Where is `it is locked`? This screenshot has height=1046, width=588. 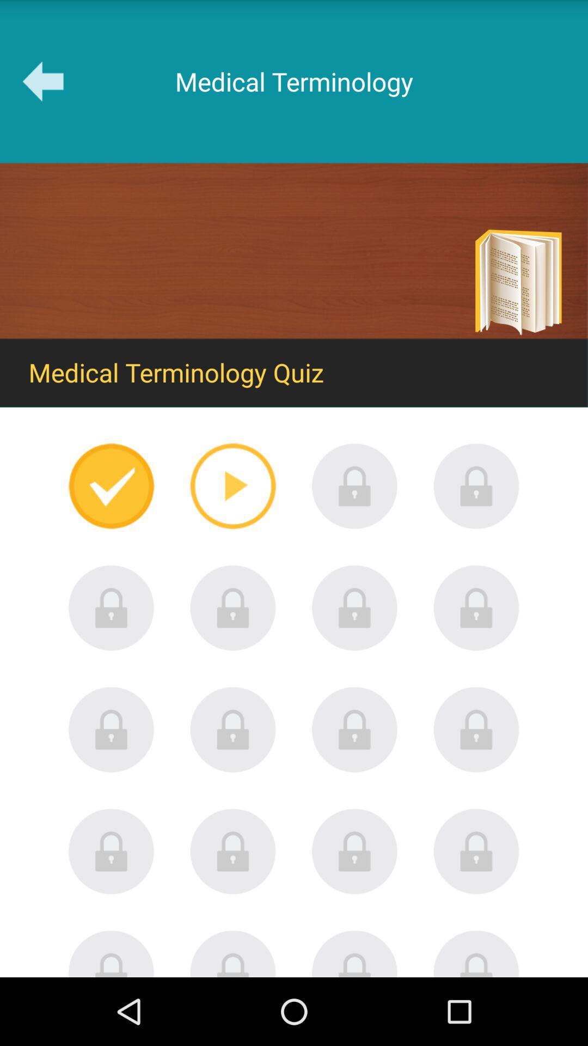 it is locked is located at coordinates (111, 851).